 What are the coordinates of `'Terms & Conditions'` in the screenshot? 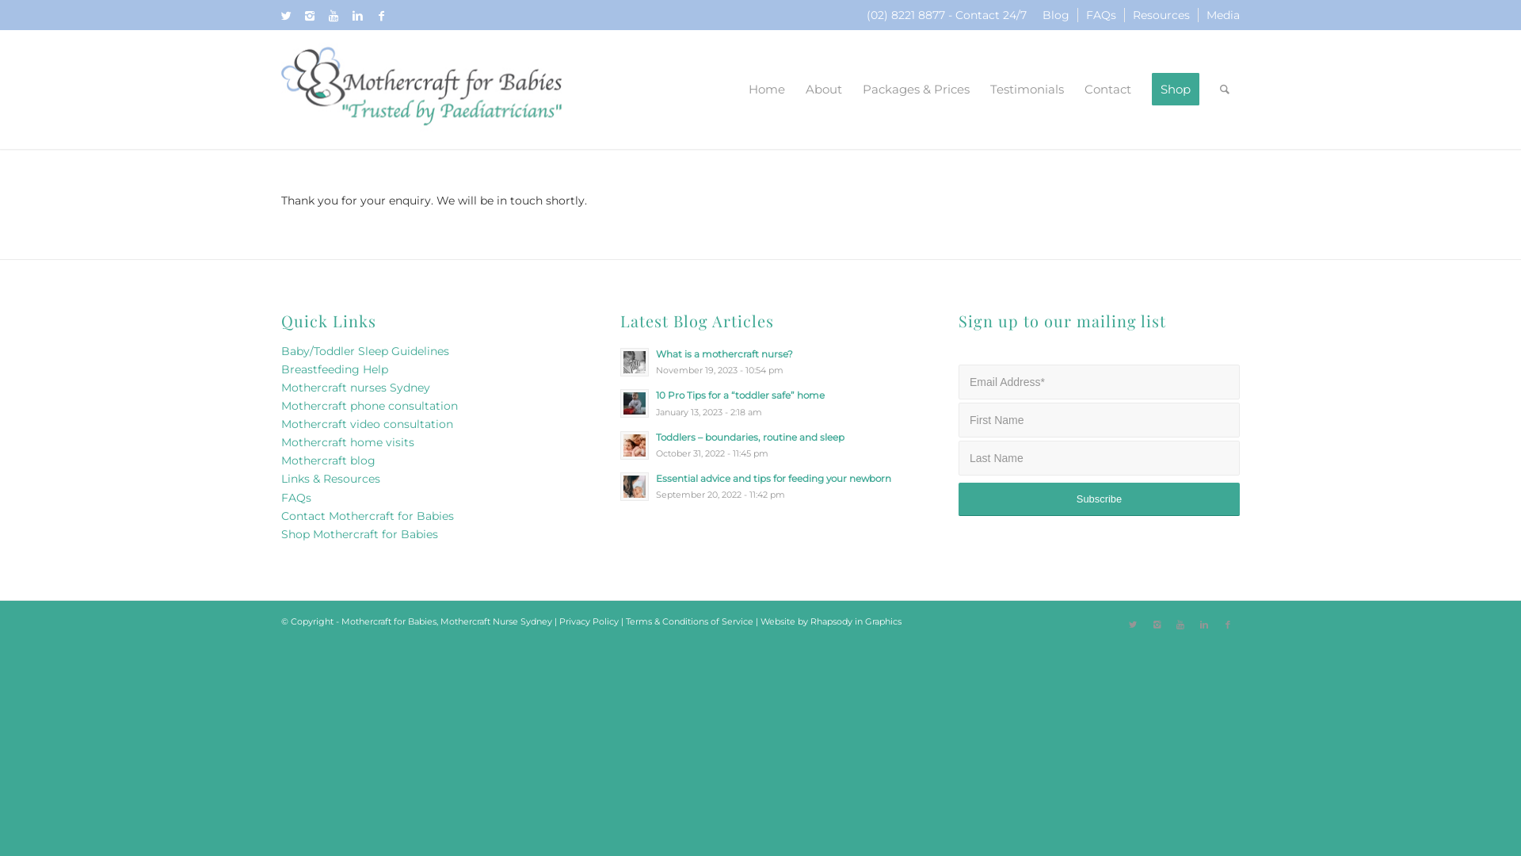 It's located at (666, 620).